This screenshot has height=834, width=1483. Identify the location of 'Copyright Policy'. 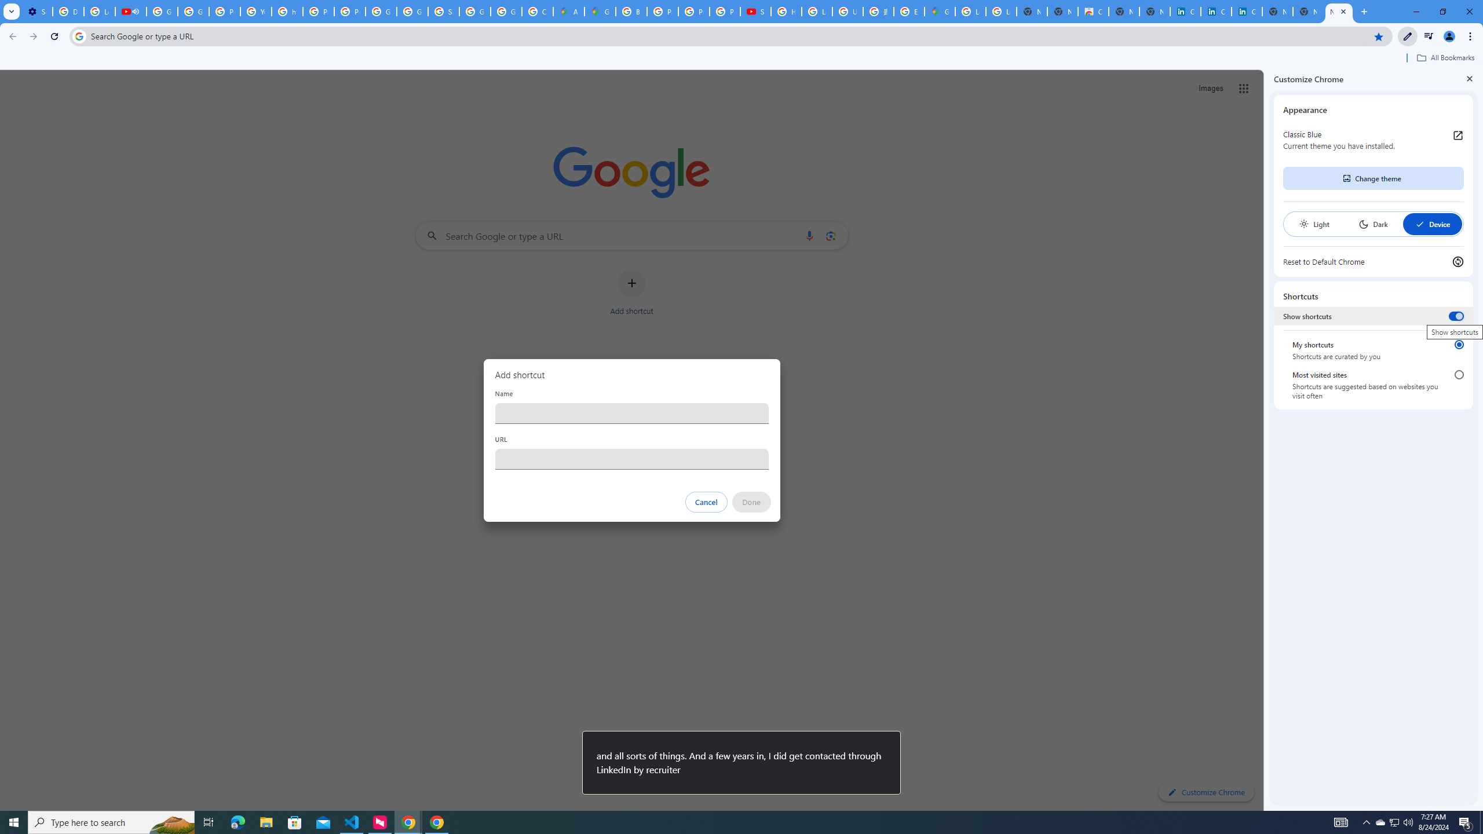
(1247, 11).